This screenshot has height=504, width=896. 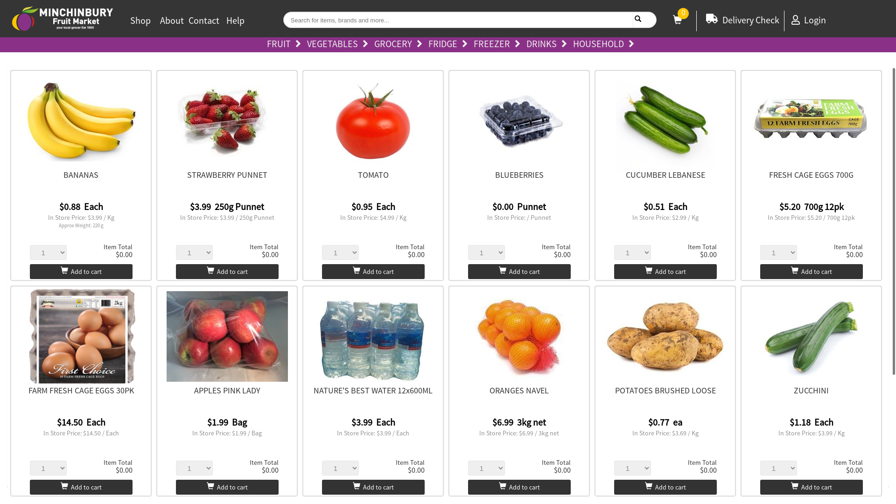 What do you see at coordinates (235, 20) in the screenshot?
I see `'Help'` at bounding box center [235, 20].